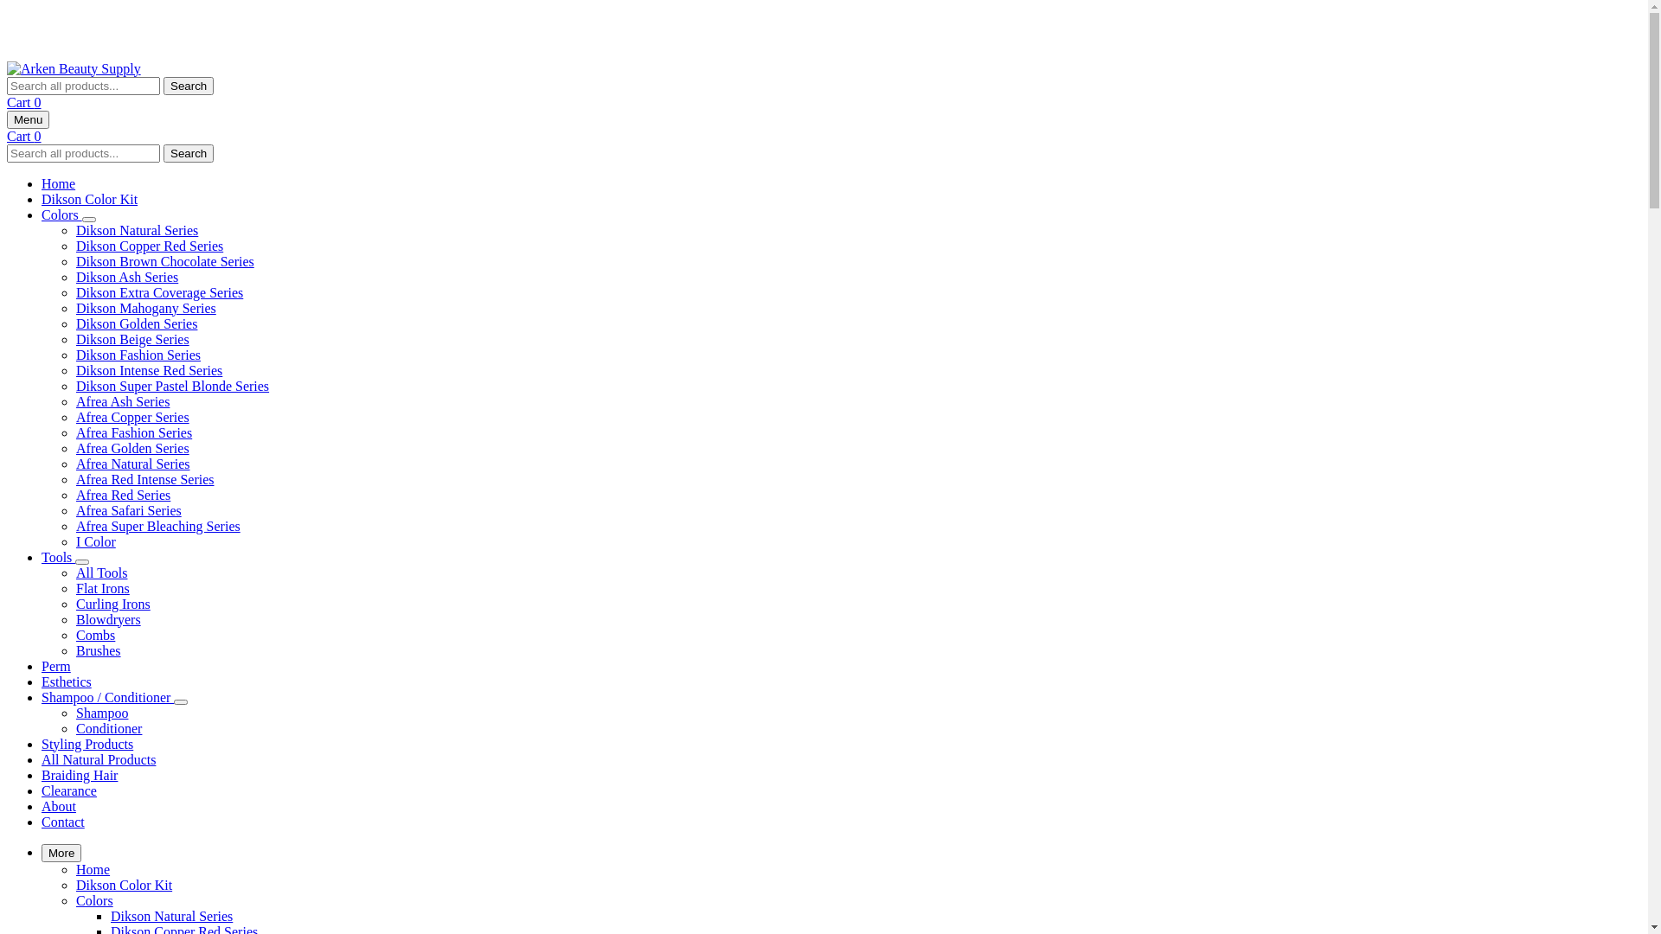 The height and width of the screenshot is (934, 1661). Describe the element at coordinates (74, 417) in the screenshot. I see `'Afrea Copper Series'` at that location.